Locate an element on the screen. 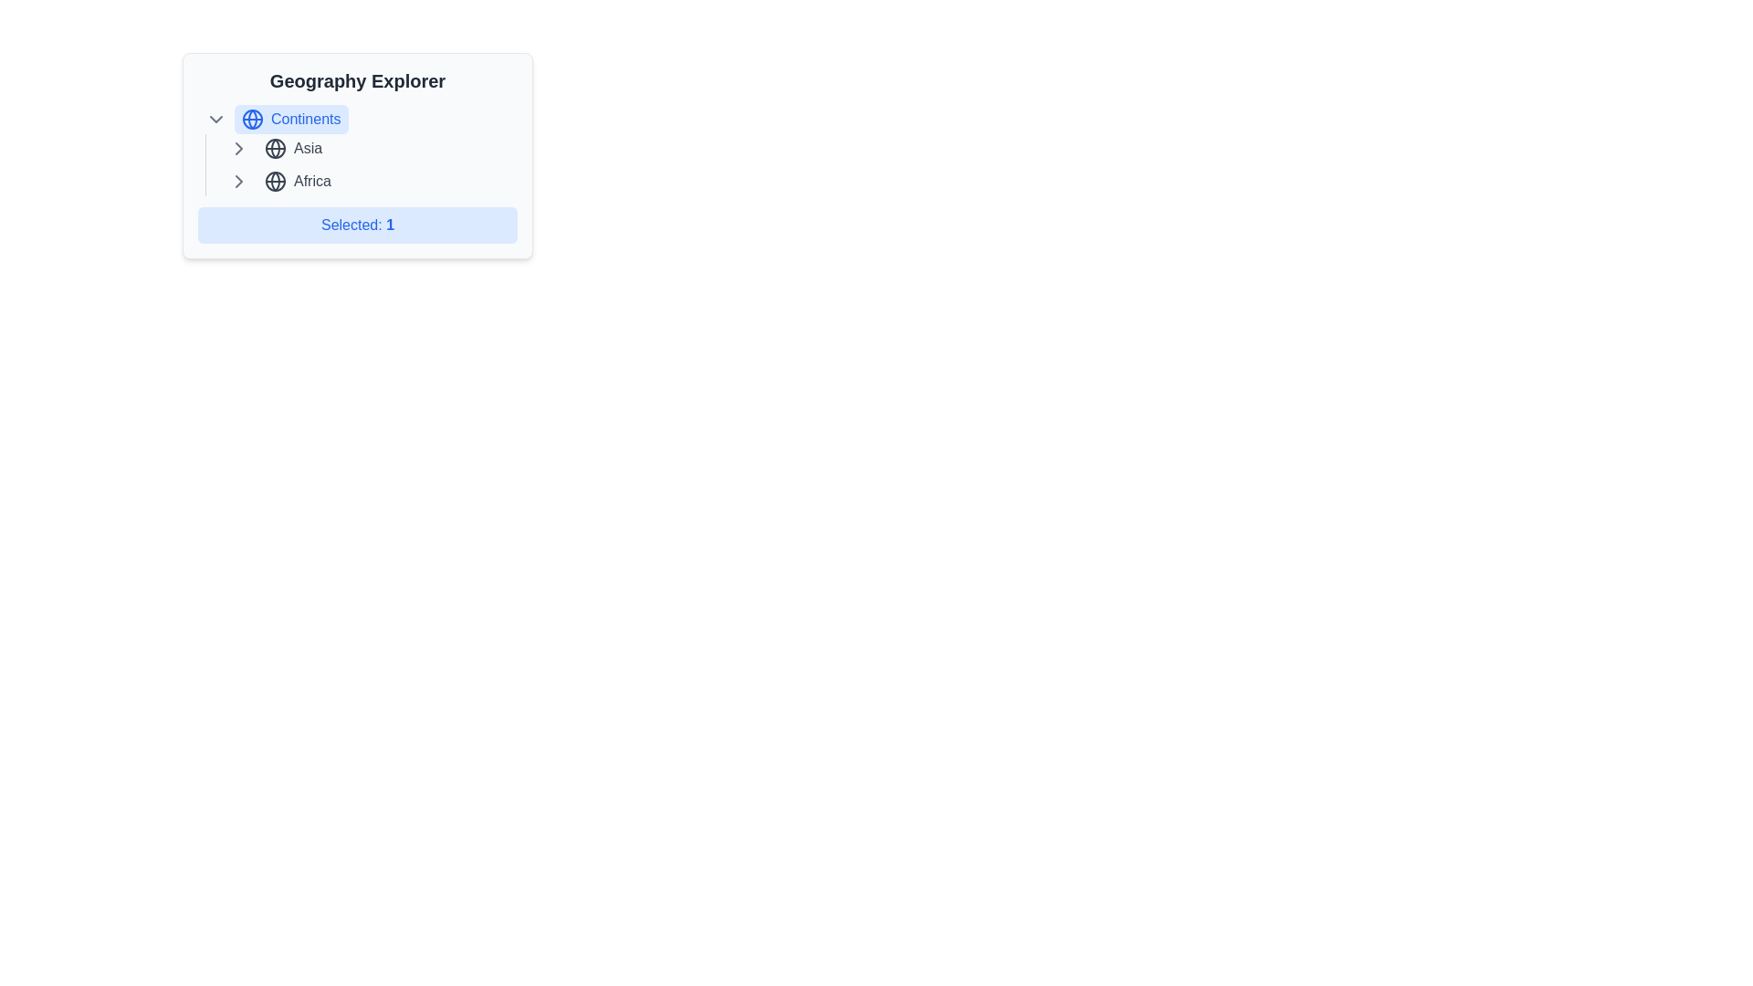  the globe icon, which is a blue circular outline with latitude and longitude lines, positioned to the left of the text label 'Continents' is located at coordinates (252, 120).